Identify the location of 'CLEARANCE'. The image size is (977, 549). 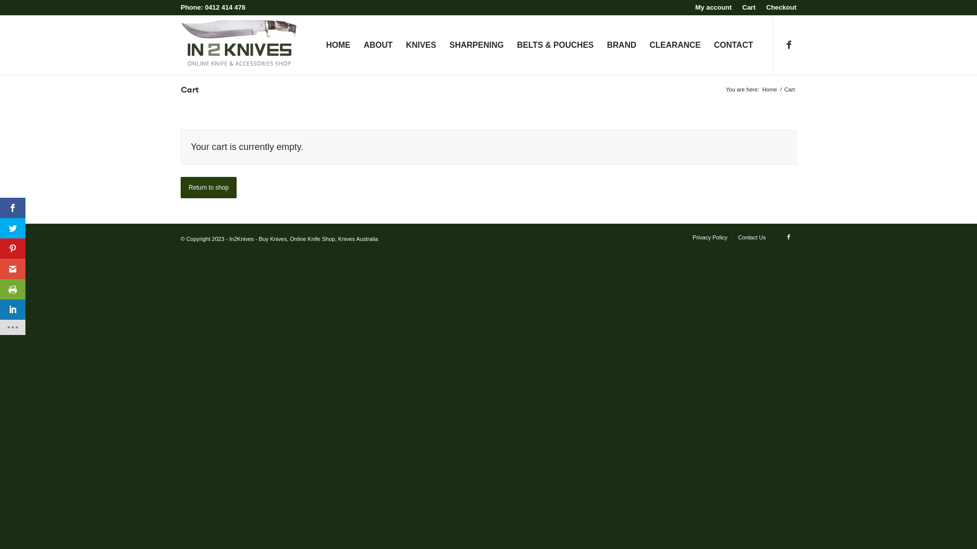
(675, 44).